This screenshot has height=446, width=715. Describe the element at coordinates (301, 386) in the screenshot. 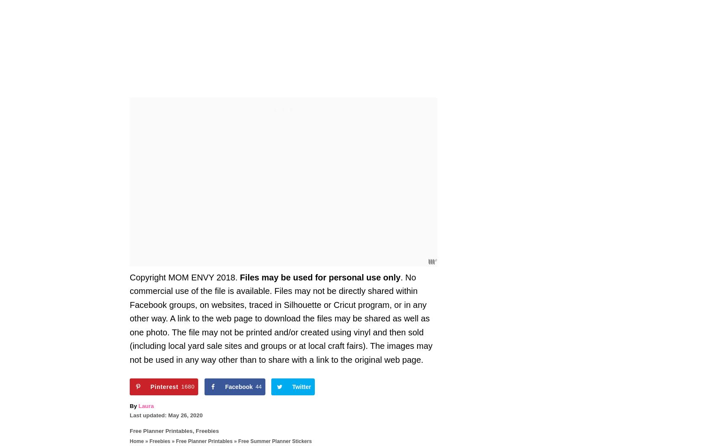

I see `'Twitter'` at that location.